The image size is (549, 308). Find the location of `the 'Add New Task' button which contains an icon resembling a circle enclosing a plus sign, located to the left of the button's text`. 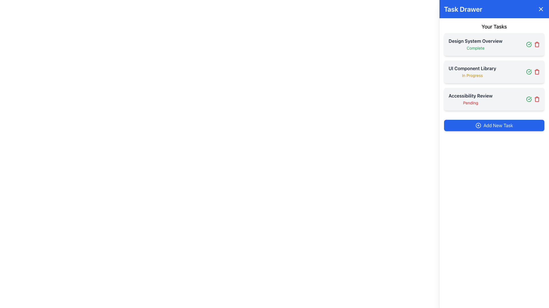

the 'Add New Task' button which contains an icon resembling a circle enclosing a plus sign, located to the left of the button's text is located at coordinates (478, 125).